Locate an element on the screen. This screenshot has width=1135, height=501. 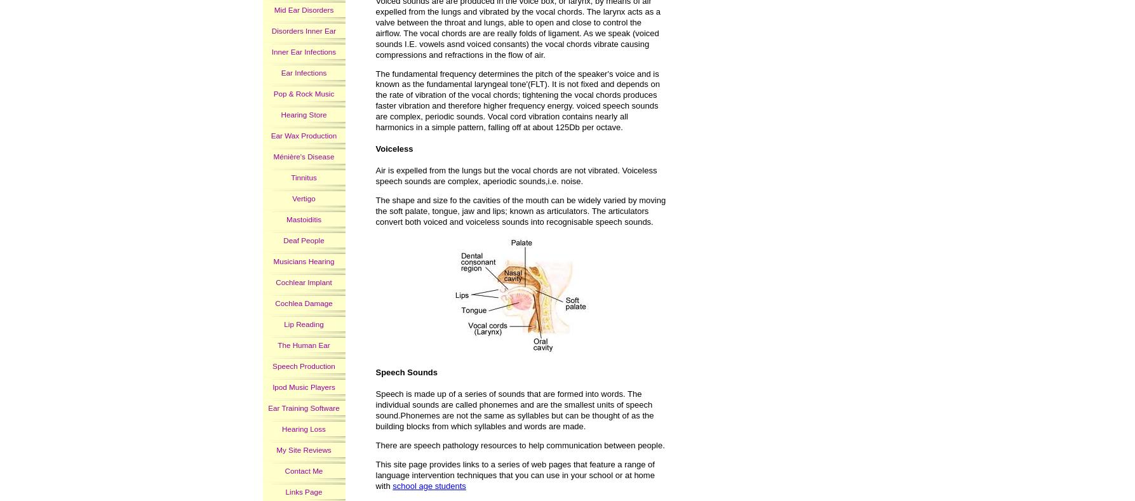
'Hearing Store' is located at coordinates (304, 113).